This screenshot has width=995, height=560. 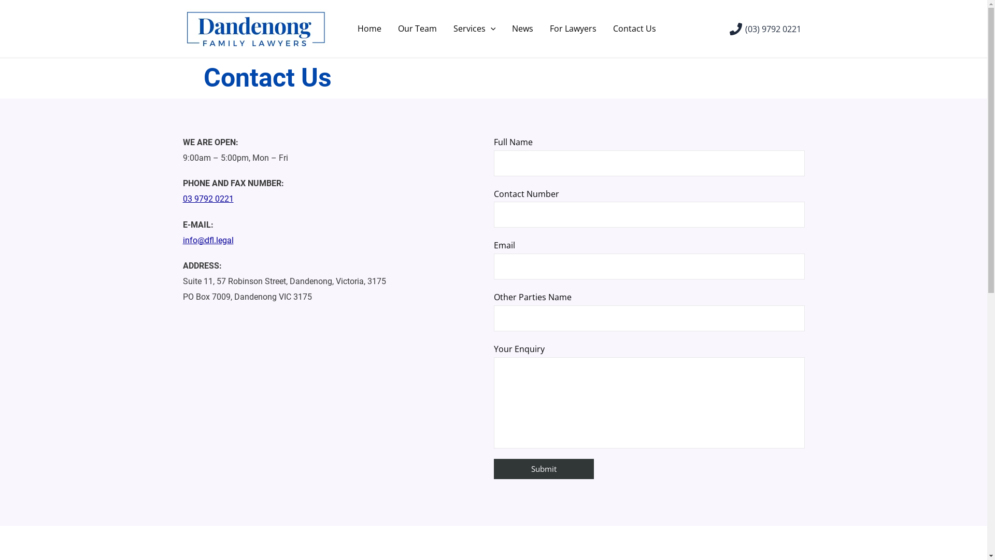 What do you see at coordinates (765, 29) in the screenshot?
I see `'(03) 9792 0221'` at bounding box center [765, 29].